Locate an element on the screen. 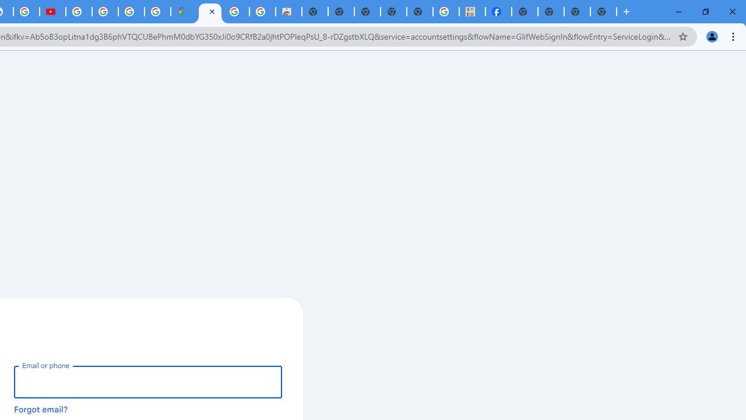 The width and height of the screenshot is (746, 420). 'Forgot email?' is located at coordinates (41, 408).